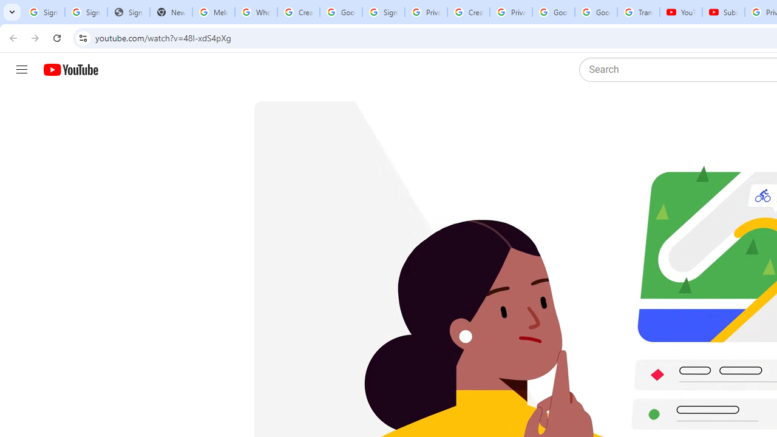 Image resolution: width=777 pixels, height=437 pixels. Describe the element at coordinates (382, 12) in the screenshot. I see `'Sign in - Google Accounts'` at that location.